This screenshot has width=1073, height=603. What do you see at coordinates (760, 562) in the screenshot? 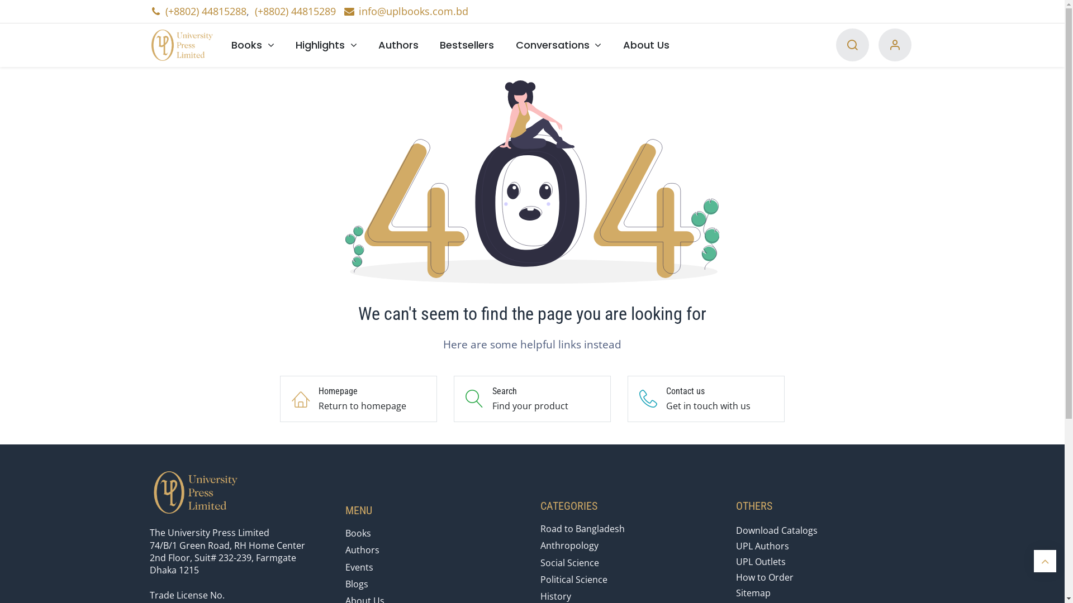
I see `'UPL Outlets'` at bounding box center [760, 562].